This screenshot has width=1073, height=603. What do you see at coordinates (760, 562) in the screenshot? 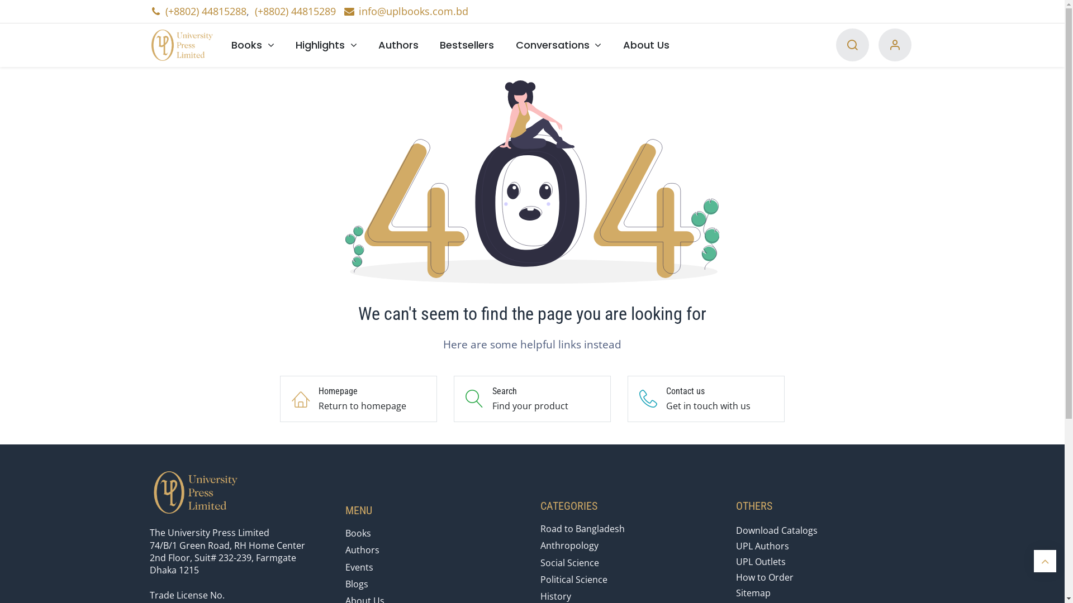
I see `'UPL Outlets'` at bounding box center [760, 562].